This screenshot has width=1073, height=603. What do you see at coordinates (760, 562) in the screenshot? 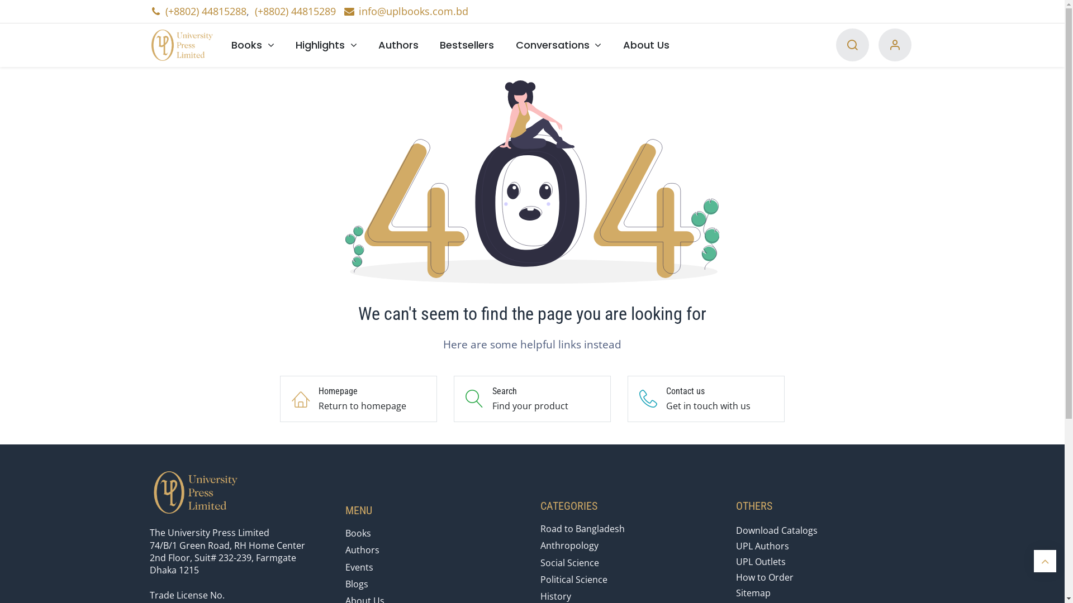
I see `'UPL Outlets'` at bounding box center [760, 562].